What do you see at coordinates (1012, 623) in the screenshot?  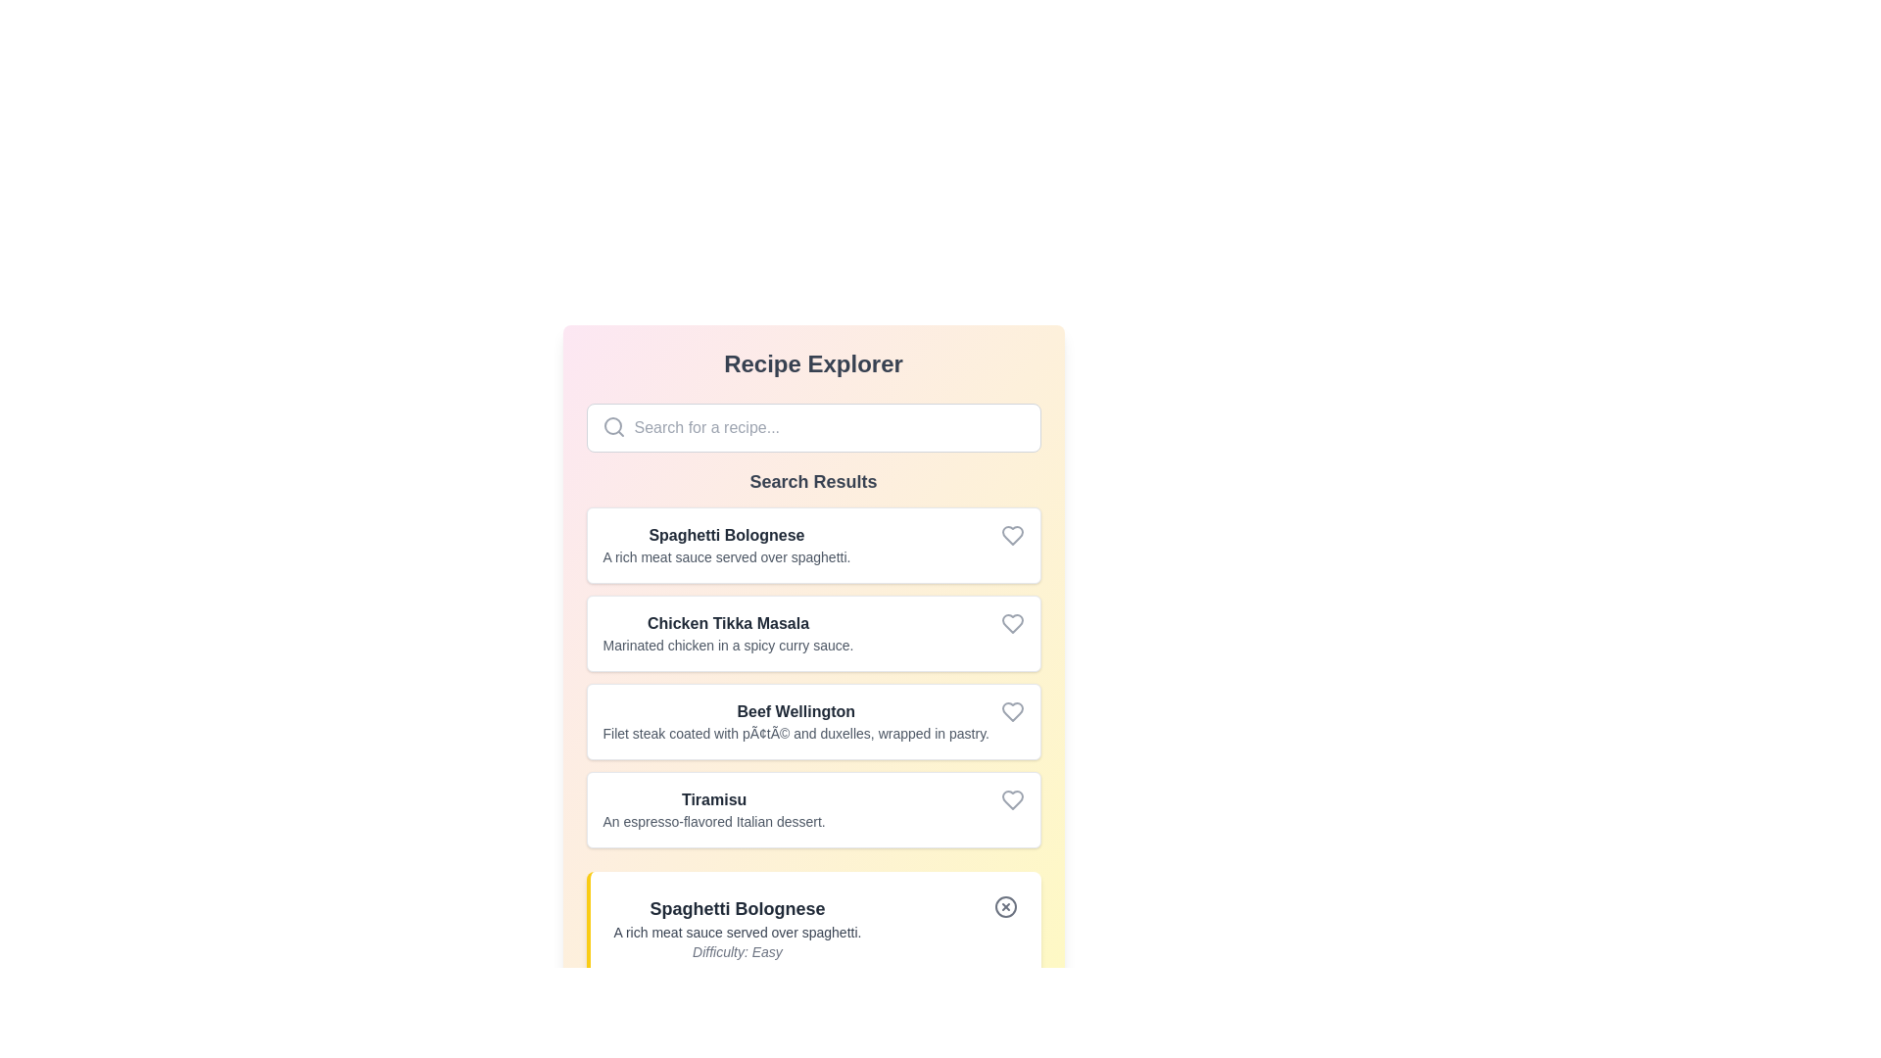 I see `the heart icon button in the top-right corner of the card for 'Chicken Tikka Masala'` at bounding box center [1012, 623].